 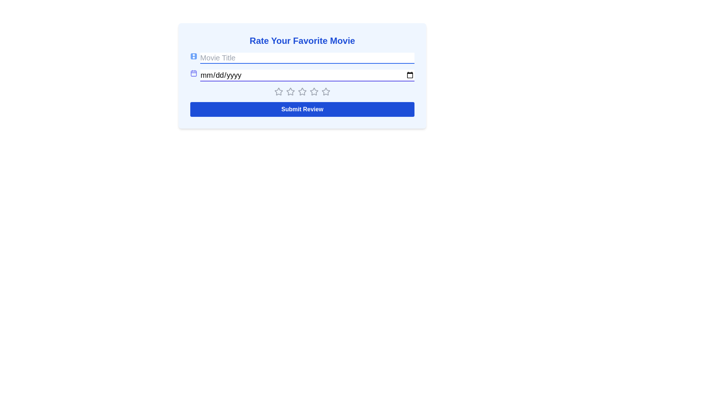 I want to click on the icon next to the movie title input field, so click(x=194, y=56).